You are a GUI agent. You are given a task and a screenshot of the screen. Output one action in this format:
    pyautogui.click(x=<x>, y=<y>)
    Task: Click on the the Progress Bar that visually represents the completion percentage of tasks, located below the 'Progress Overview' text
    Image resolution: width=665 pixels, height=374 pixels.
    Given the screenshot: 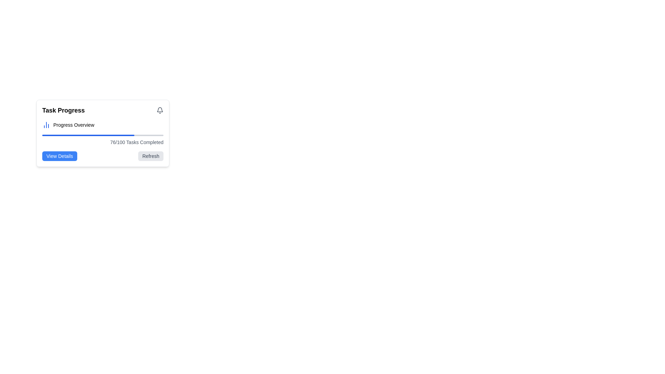 What is the action you would take?
    pyautogui.click(x=103, y=135)
    